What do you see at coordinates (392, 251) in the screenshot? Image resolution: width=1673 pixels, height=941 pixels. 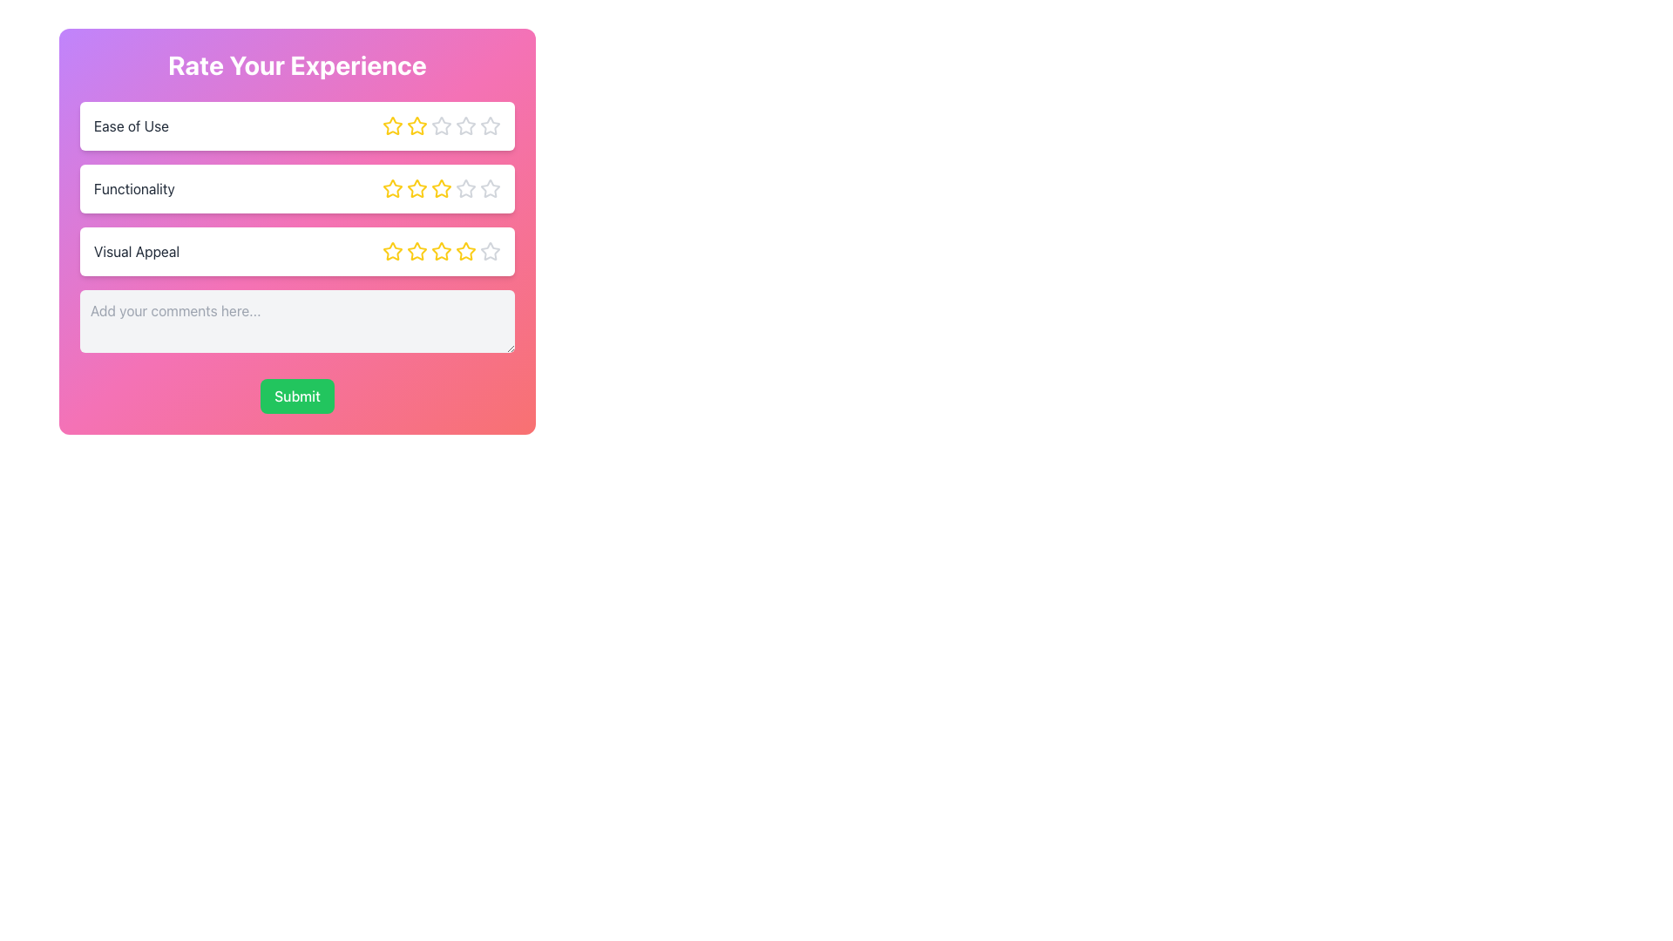 I see `the third star icon in the 'Visual Appeal' rating section` at bounding box center [392, 251].